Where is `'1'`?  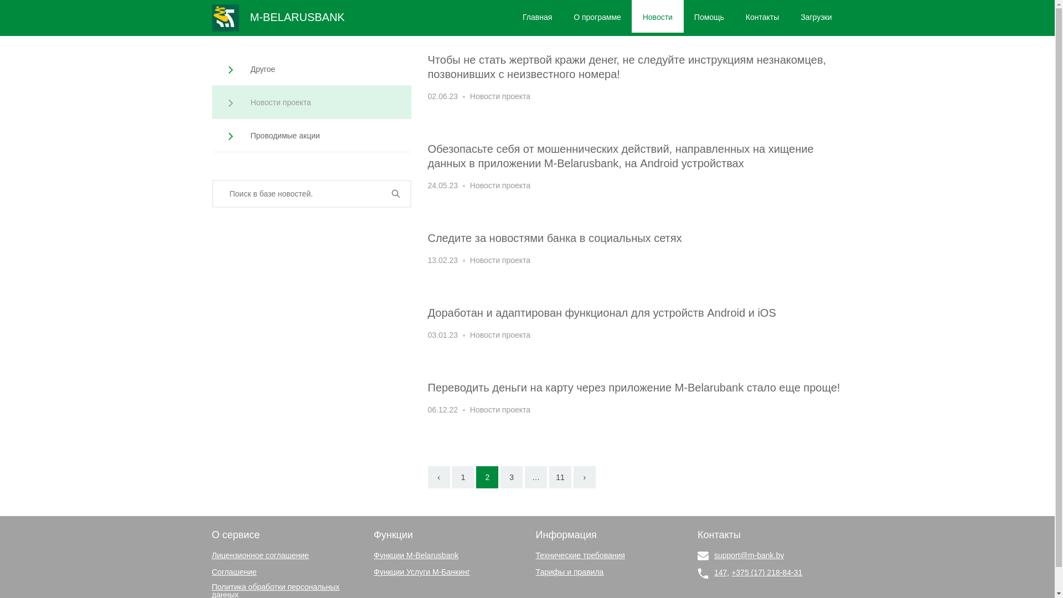 '1' is located at coordinates (452, 476).